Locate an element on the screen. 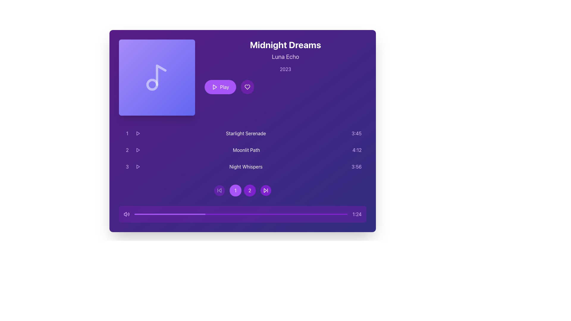 This screenshot has height=321, width=571. the play button icon that is located in the third list item of the track list, positioned to the right of the number '3' and to the left of the track title 'Night Whispers' is located at coordinates (138, 166).